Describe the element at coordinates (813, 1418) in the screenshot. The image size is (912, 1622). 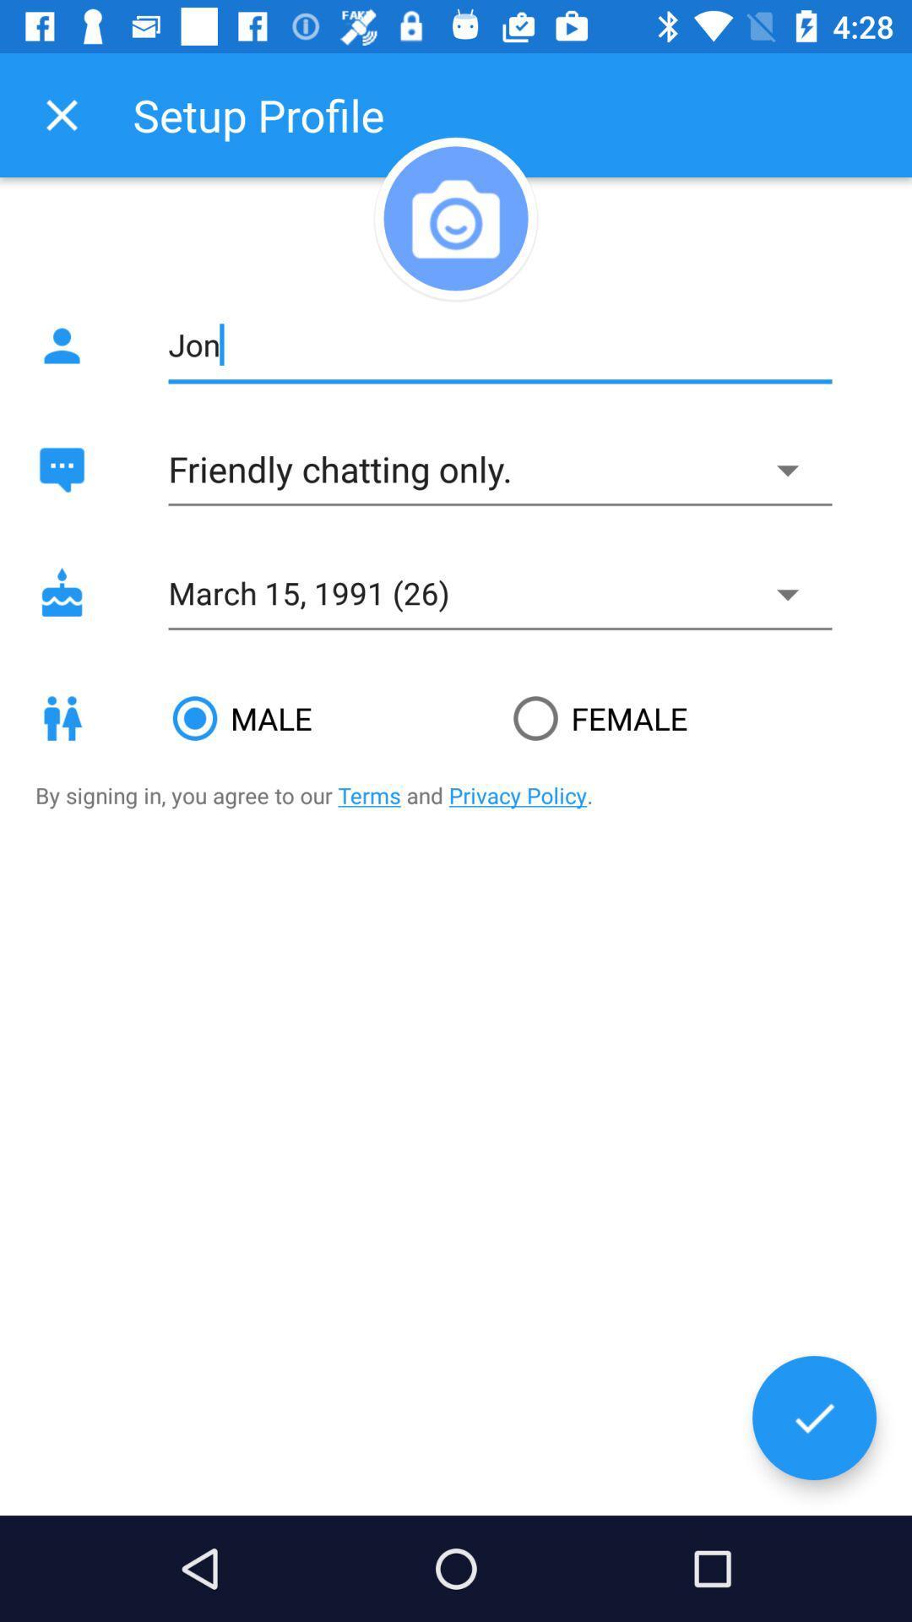
I see `the check icon` at that location.